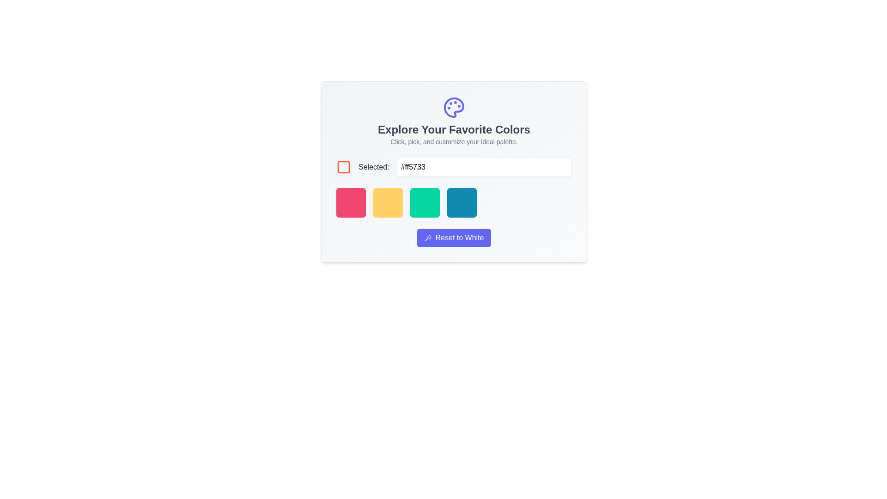 The height and width of the screenshot is (499, 887). What do you see at coordinates (454, 107) in the screenshot?
I see `the palette icon that represents color selection, located above the title 'Explore Your Favorite Colors' within its card layout` at bounding box center [454, 107].